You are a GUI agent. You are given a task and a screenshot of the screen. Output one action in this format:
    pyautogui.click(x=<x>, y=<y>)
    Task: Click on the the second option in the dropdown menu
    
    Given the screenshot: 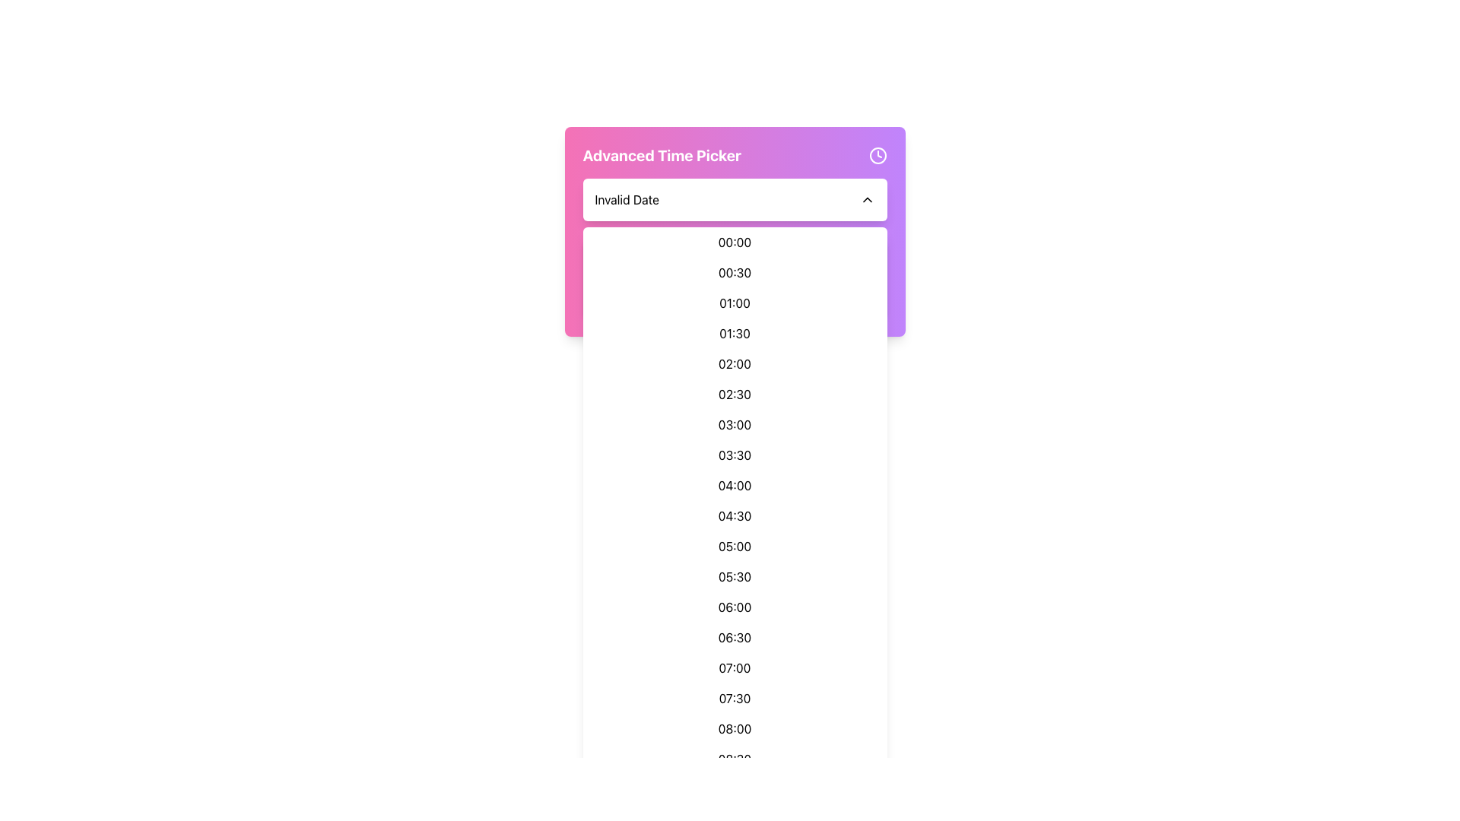 What is the action you would take?
    pyautogui.click(x=735, y=271)
    